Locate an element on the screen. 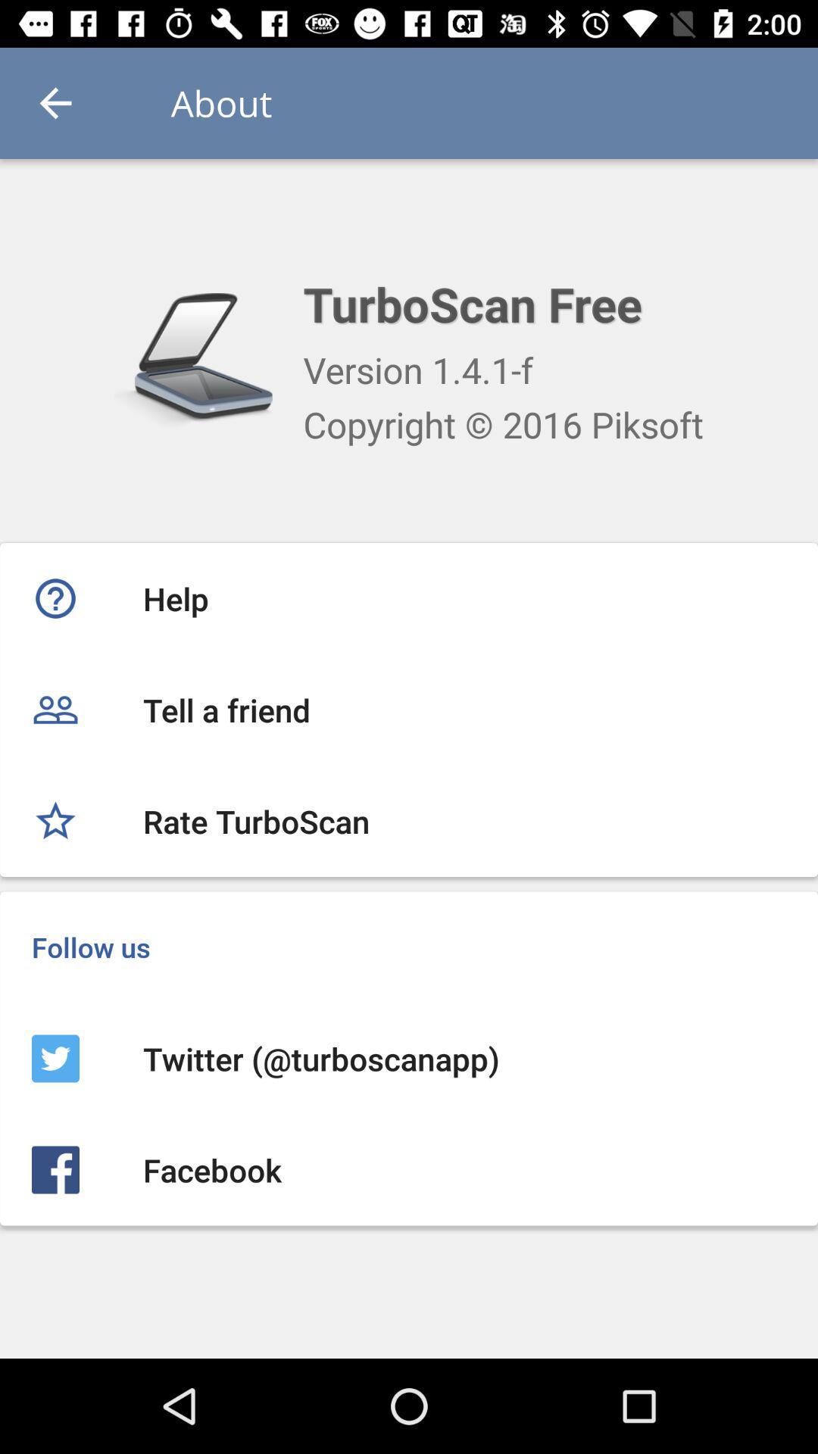 Image resolution: width=818 pixels, height=1454 pixels. rate turboscan item is located at coordinates (409, 820).